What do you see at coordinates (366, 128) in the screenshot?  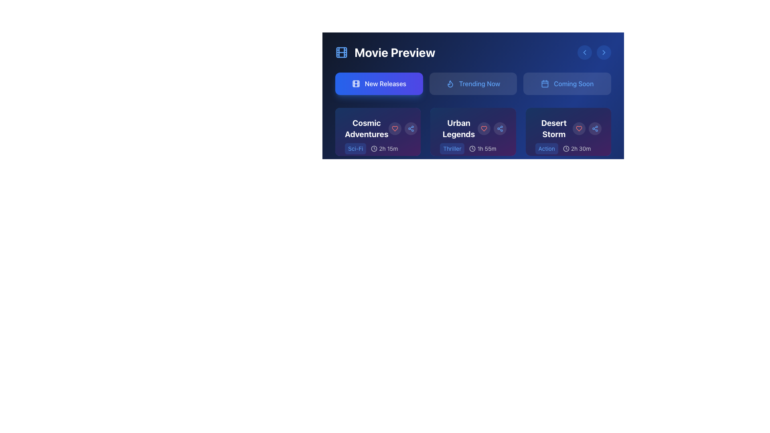 I see `the text label that serves as the title for the first movie card in the 'Movie Preview' section` at bounding box center [366, 128].